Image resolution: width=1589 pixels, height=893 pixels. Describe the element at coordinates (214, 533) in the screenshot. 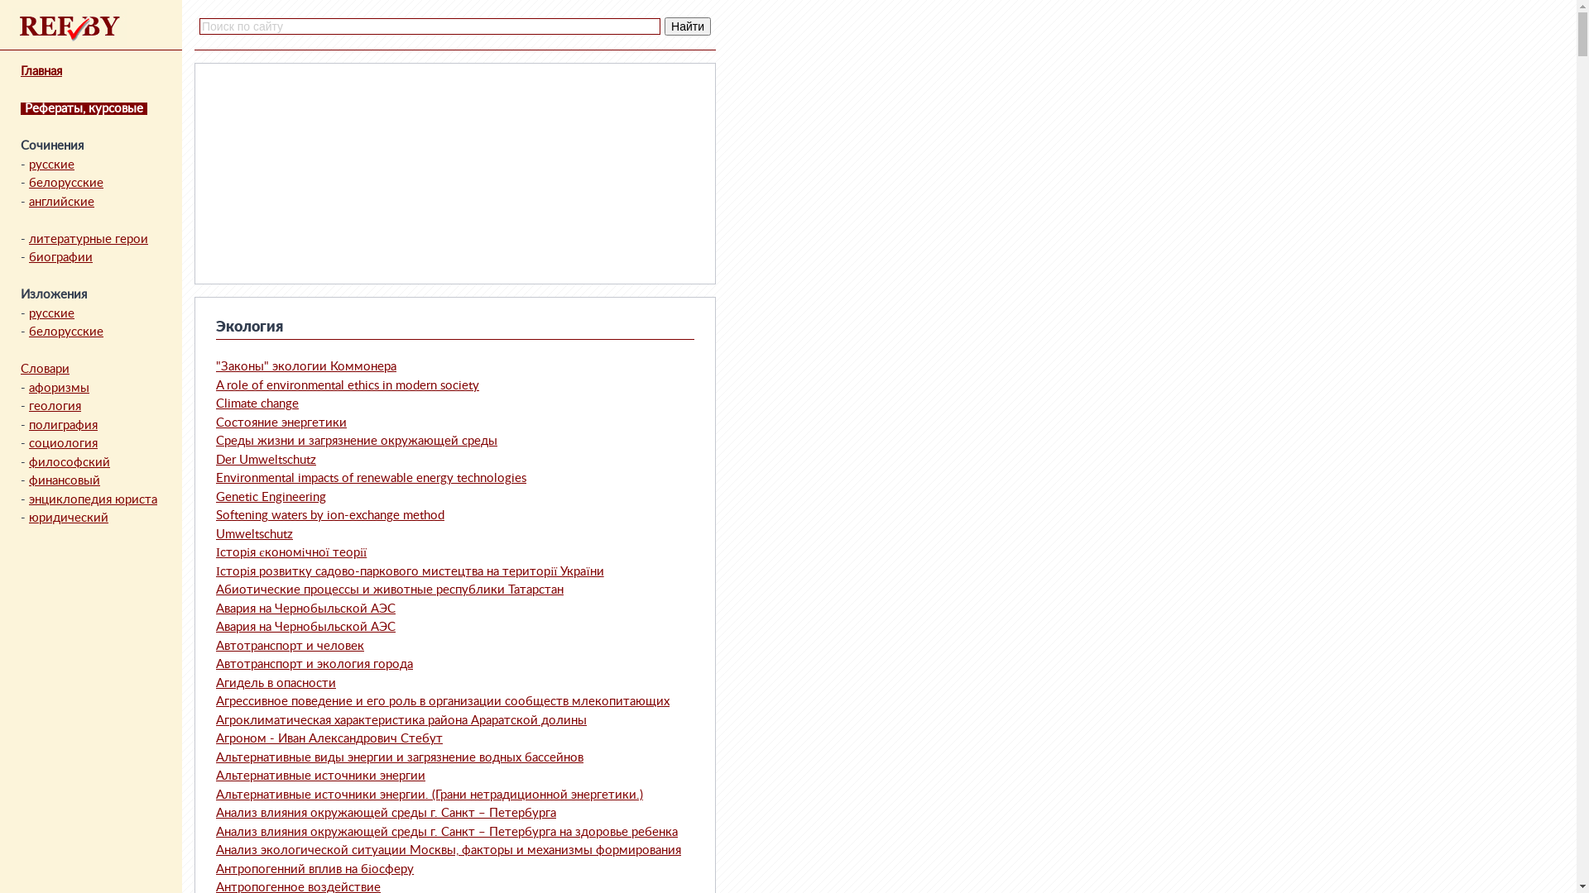

I see `'Umweltschutz'` at that location.